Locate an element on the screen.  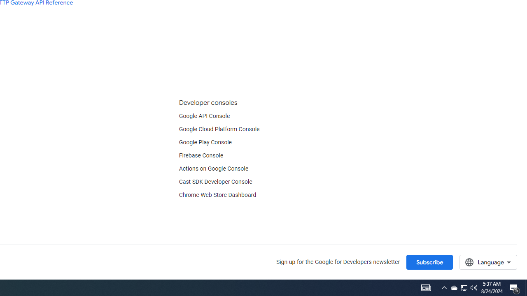
'Language' is located at coordinates (488, 262).